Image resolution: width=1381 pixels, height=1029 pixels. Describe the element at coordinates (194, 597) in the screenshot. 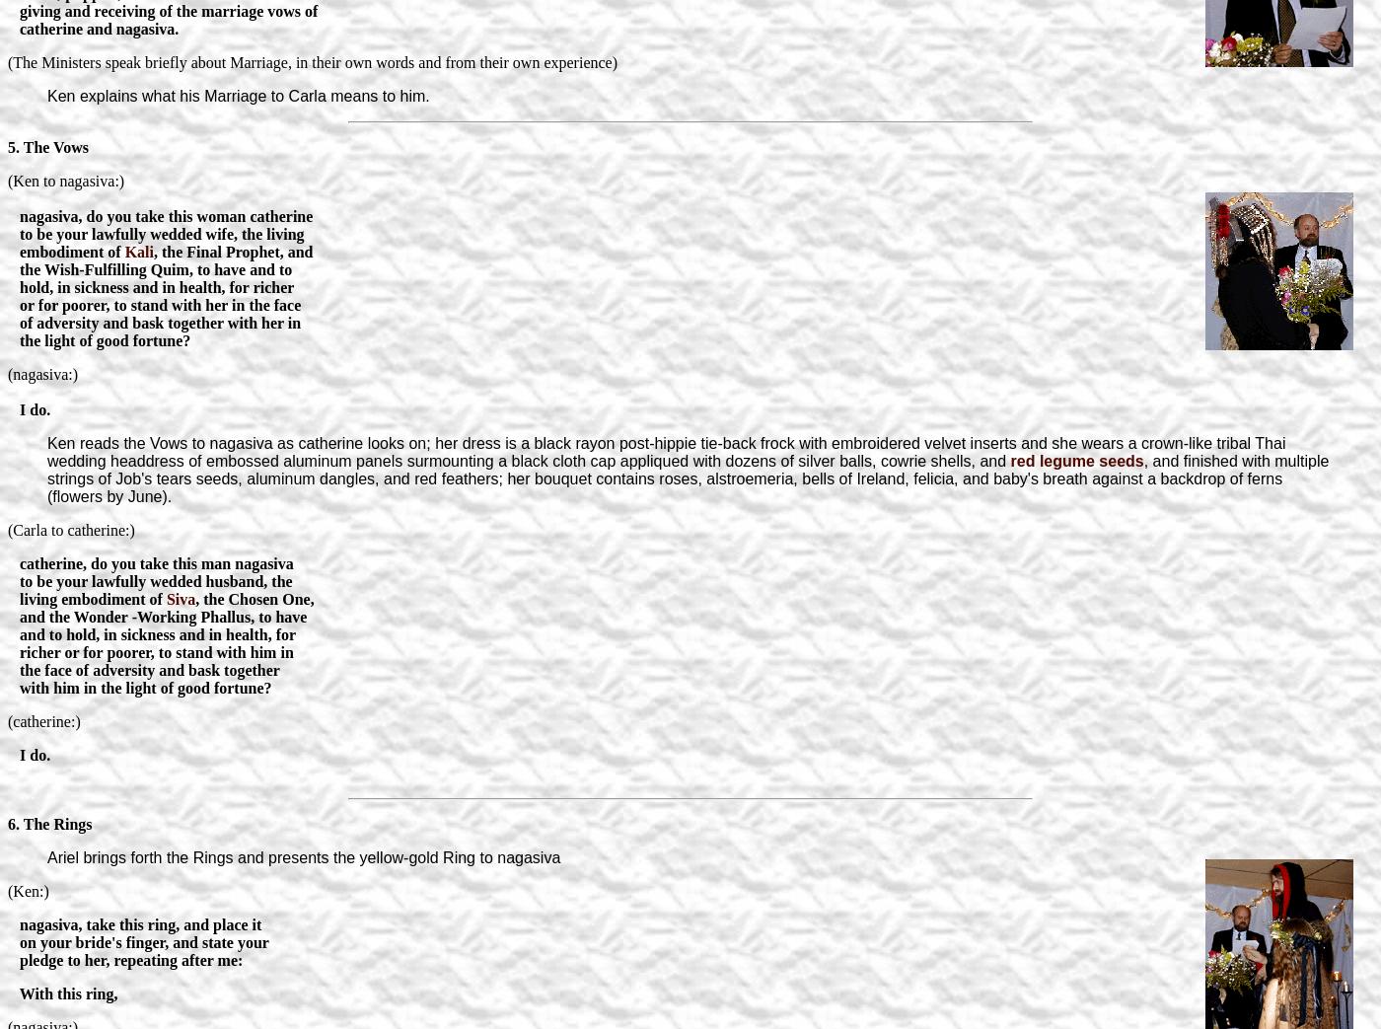

I see `', the Chosen One,'` at that location.